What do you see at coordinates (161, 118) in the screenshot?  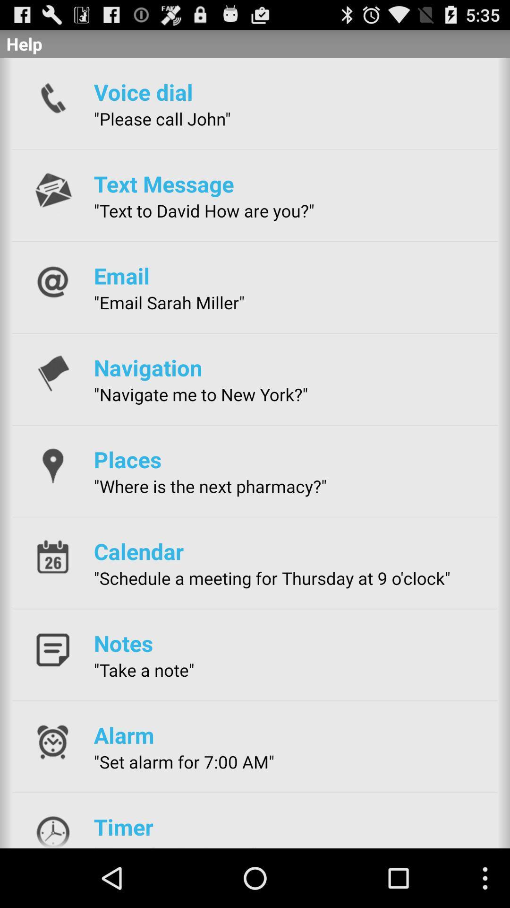 I see `"please call john" app` at bounding box center [161, 118].